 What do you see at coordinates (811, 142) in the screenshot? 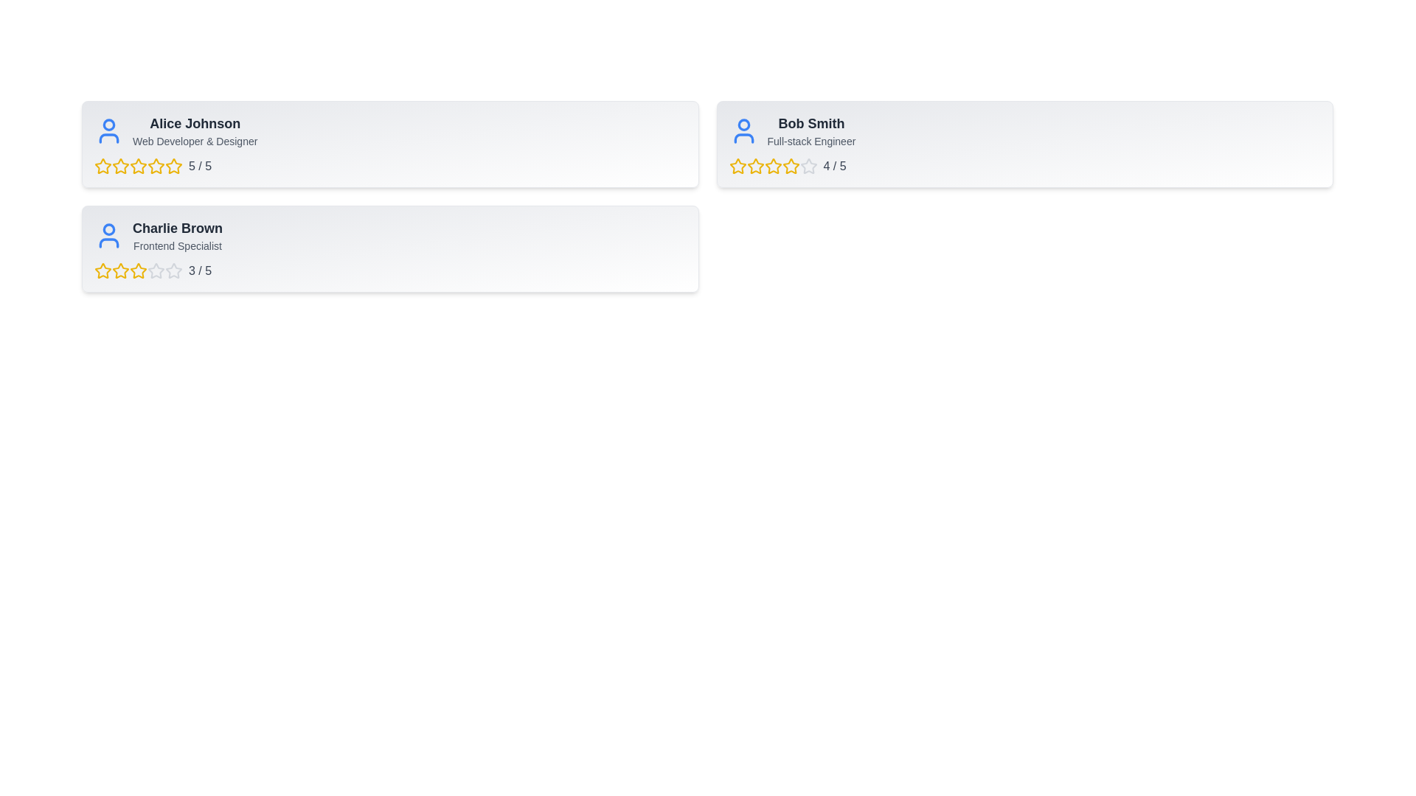
I see `the biography of the user Bob Smith` at bounding box center [811, 142].